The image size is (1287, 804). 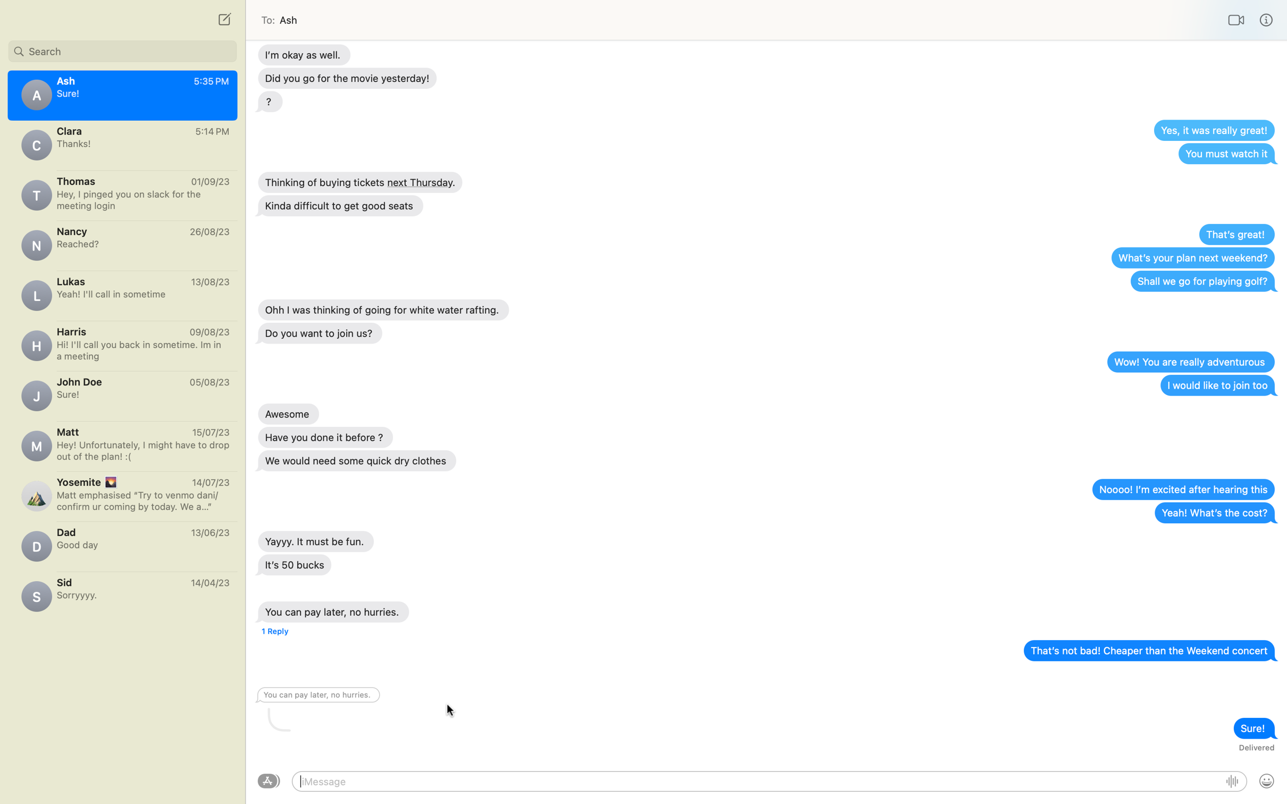 What do you see at coordinates (122, 293) in the screenshot?
I see `Send message to Lucas saying "How was your weekend` at bounding box center [122, 293].